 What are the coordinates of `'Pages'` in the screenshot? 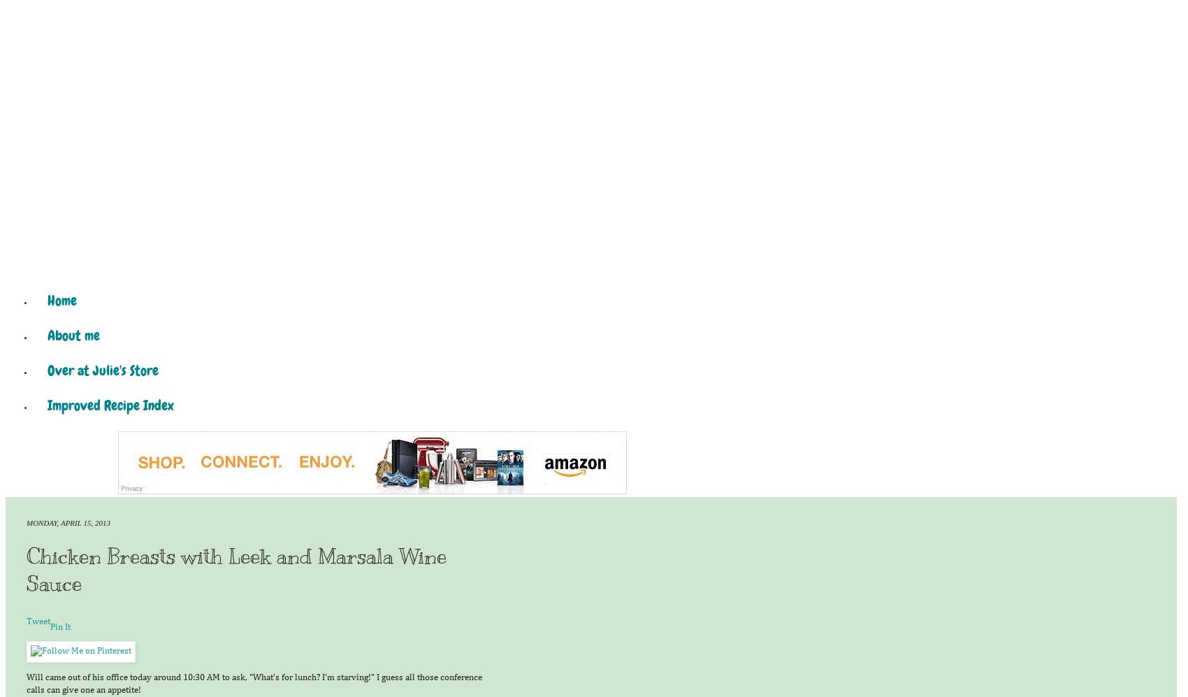 It's located at (16, 271).